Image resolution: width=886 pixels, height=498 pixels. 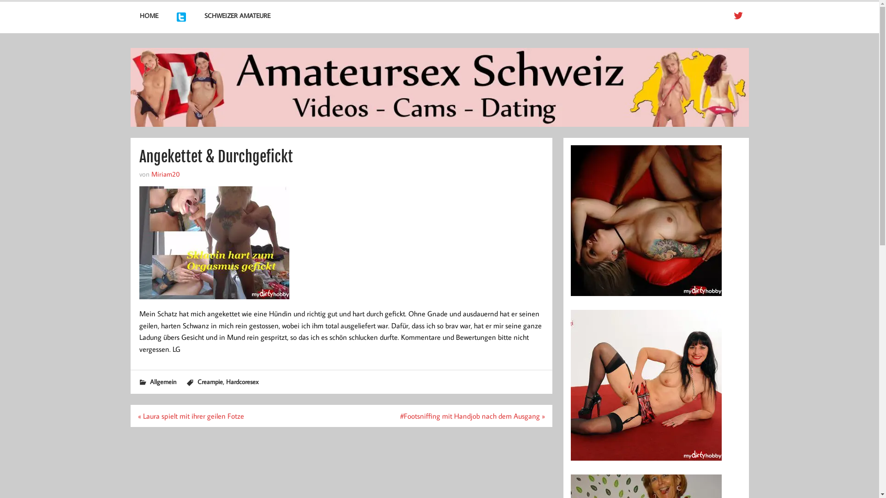 What do you see at coordinates (210, 381) in the screenshot?
I see `'Creampie'` at bounding box center [210, 381].